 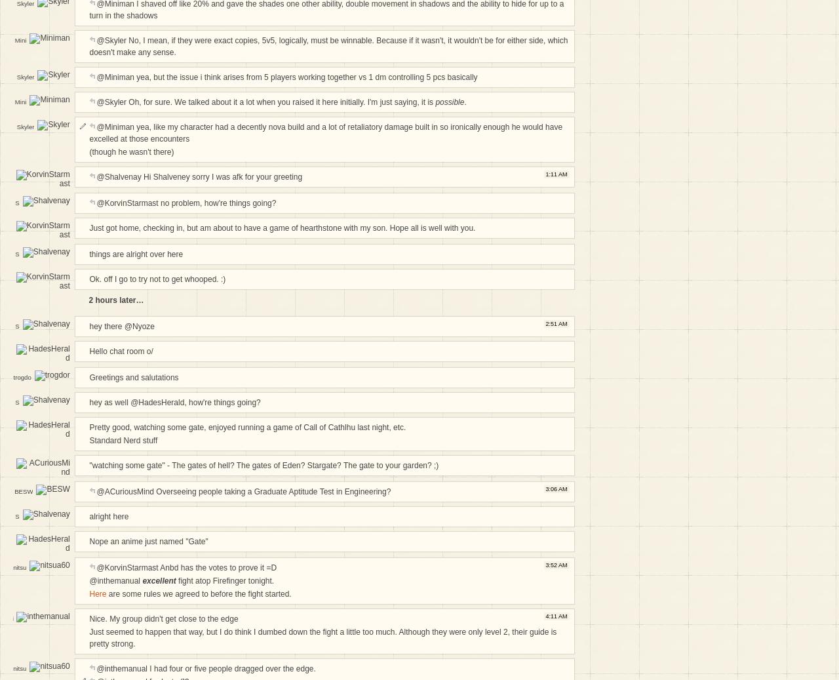 What do you see at coordinates (22, 380) in the screenshot?
I see `'trogdor'` at bounding box center [22, 380].